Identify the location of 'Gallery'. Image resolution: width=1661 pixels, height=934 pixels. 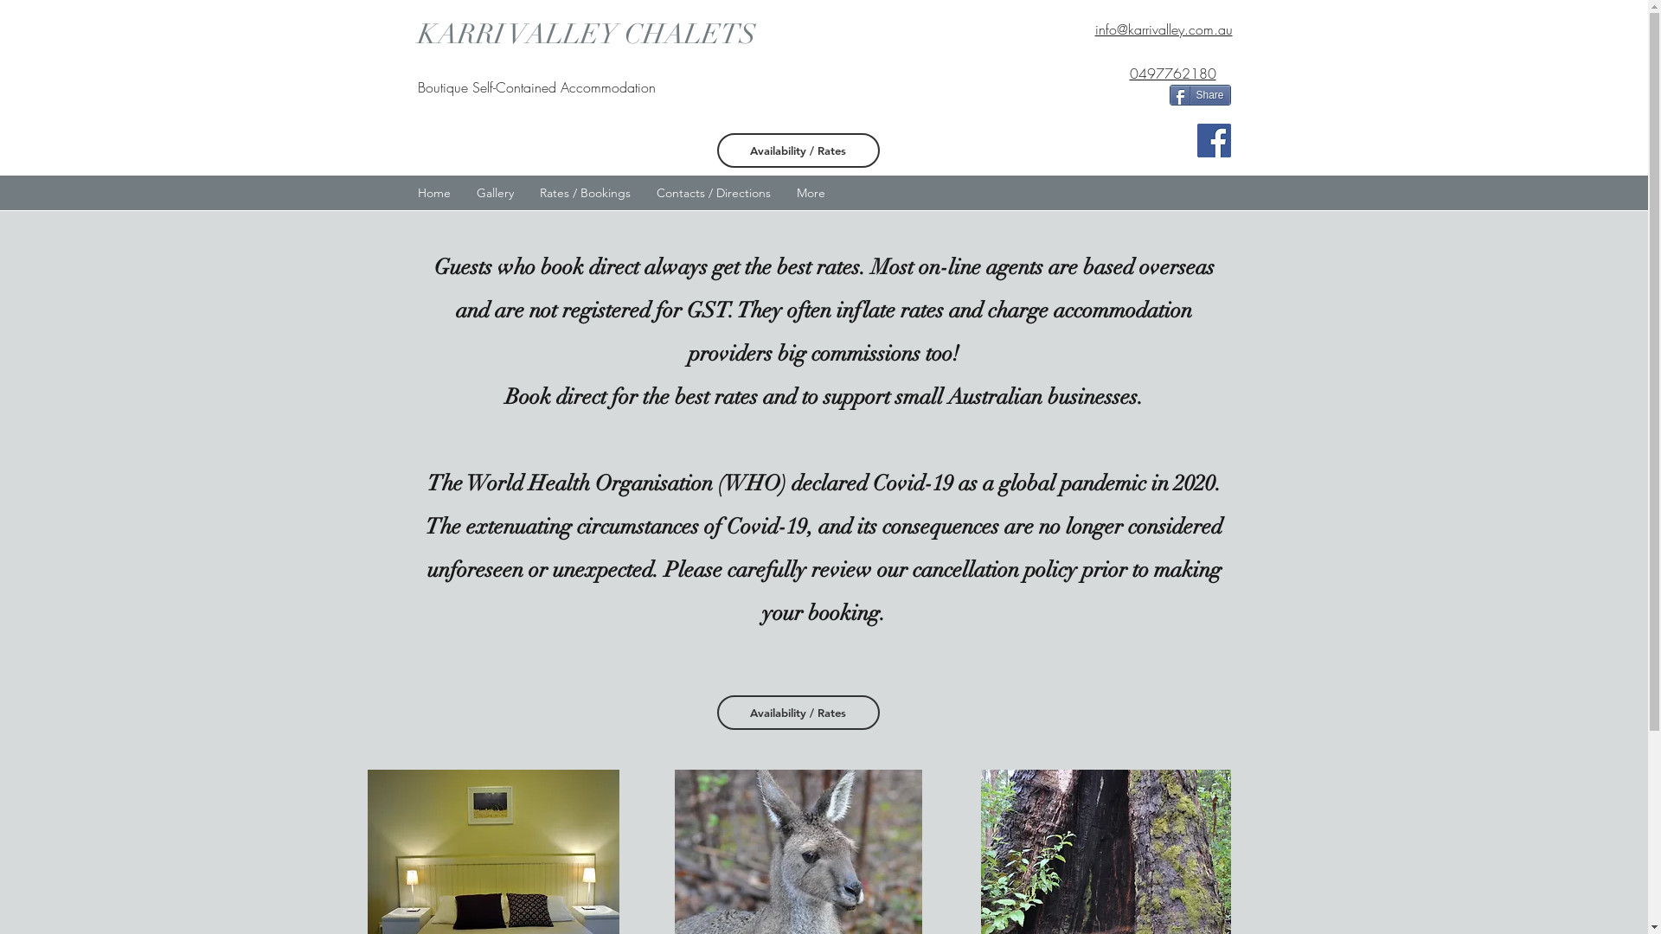
(494, 193).